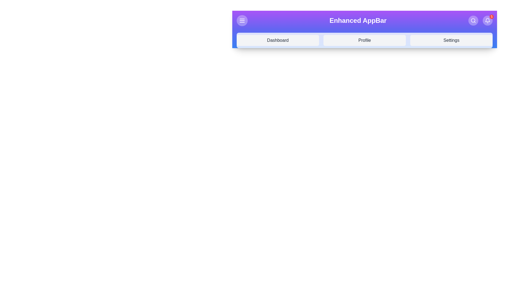 This screenshot has width=529, height=297. Describe the element at coordinates (451, 40) in the screenshot. I see `the navigation item Settings to navigate to its respective section` at that location.